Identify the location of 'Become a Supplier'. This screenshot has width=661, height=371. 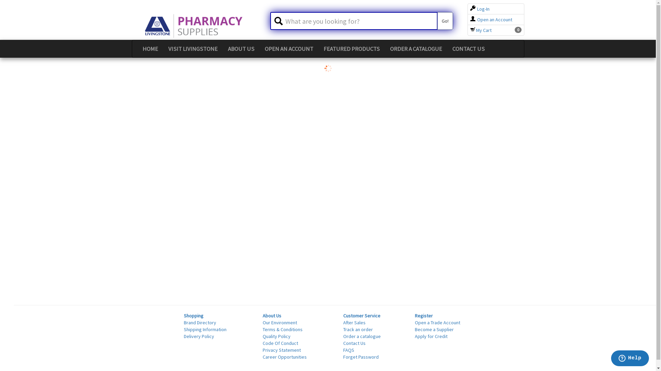
(414, 329).